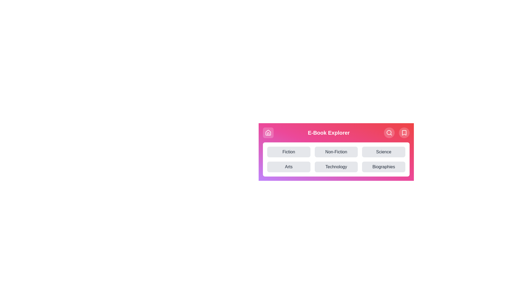  What do you see at coordinates (389, 132) in the screenshot?
I see `the search icon to initiate a search` at bounding box center [389, 132].